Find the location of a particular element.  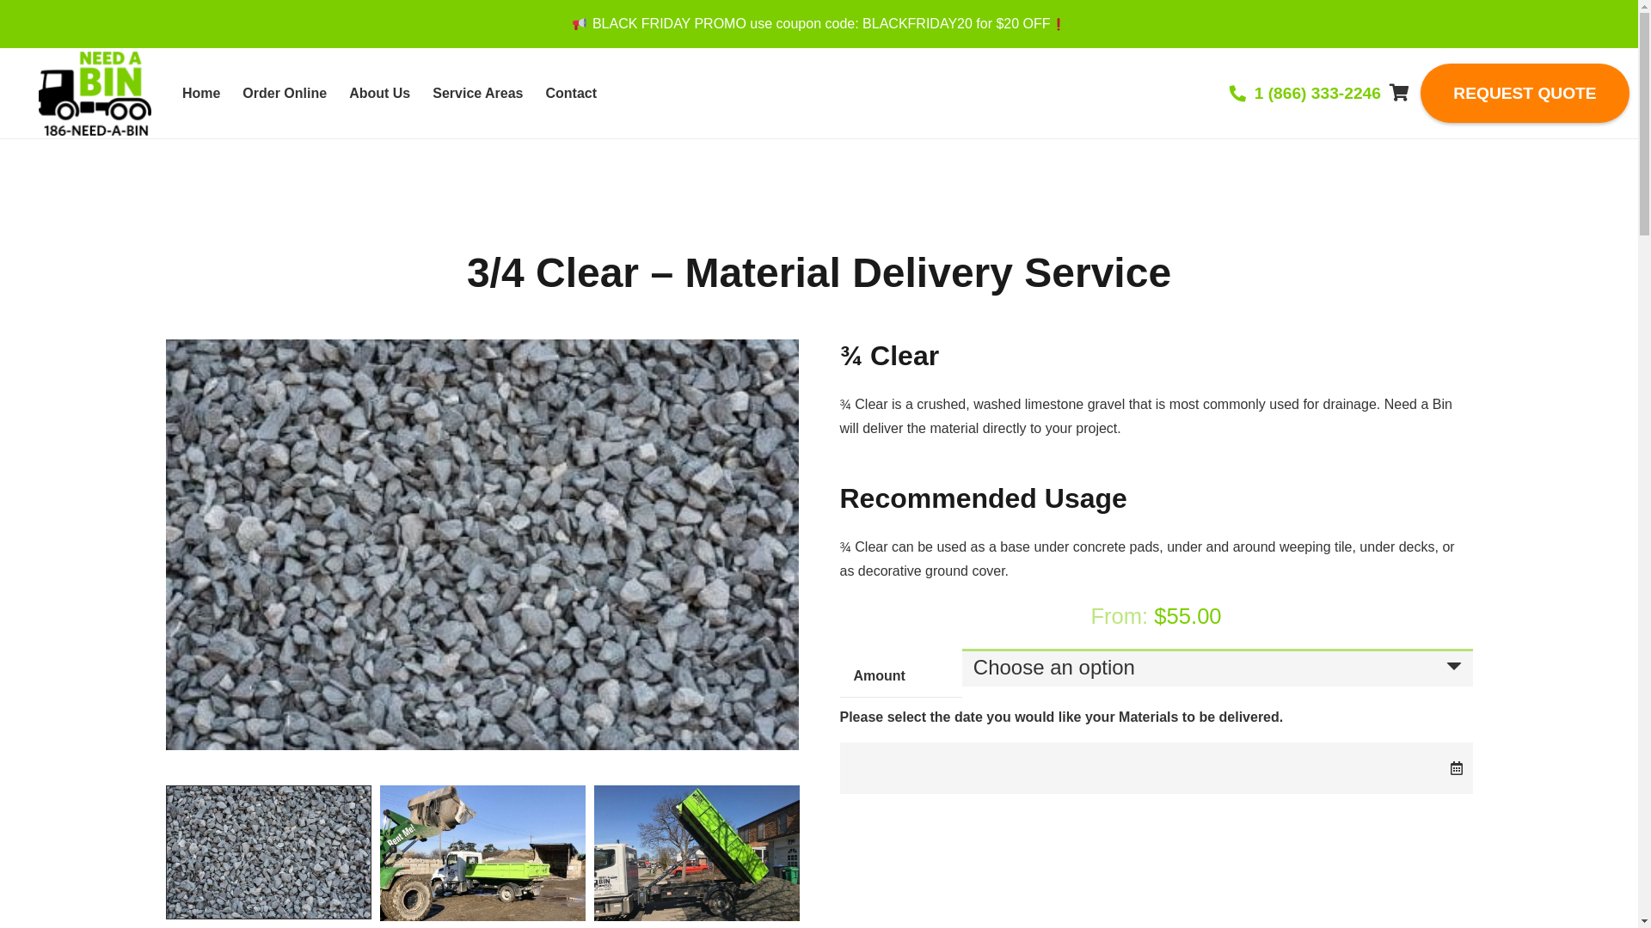

'Order Online' is located at coordinates (285, 93).